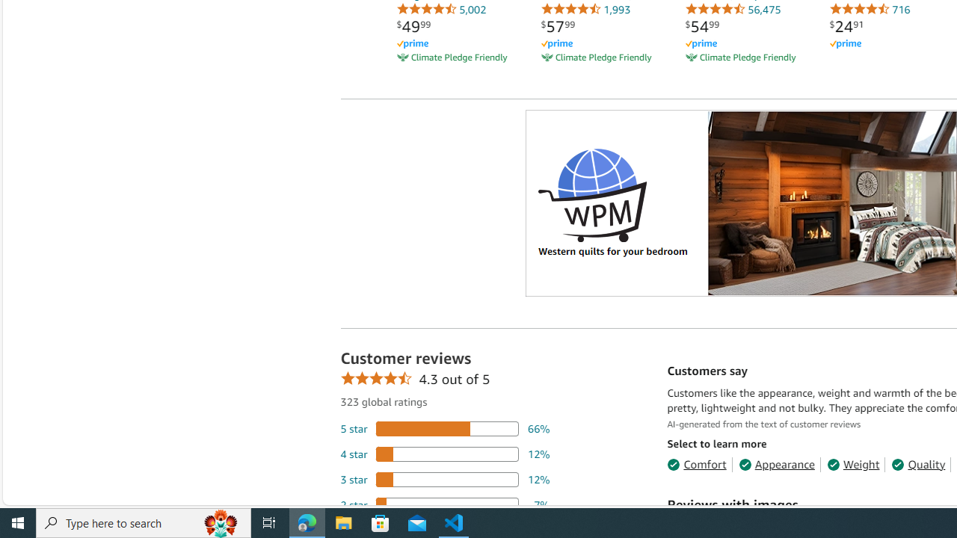 The width and height of the screenshot is (957, 538). What do you see at coordinates (444, 479) in the screenshot?
I see `'12 percent of reviews have 3 stars'` at bounding box center [444, 479].